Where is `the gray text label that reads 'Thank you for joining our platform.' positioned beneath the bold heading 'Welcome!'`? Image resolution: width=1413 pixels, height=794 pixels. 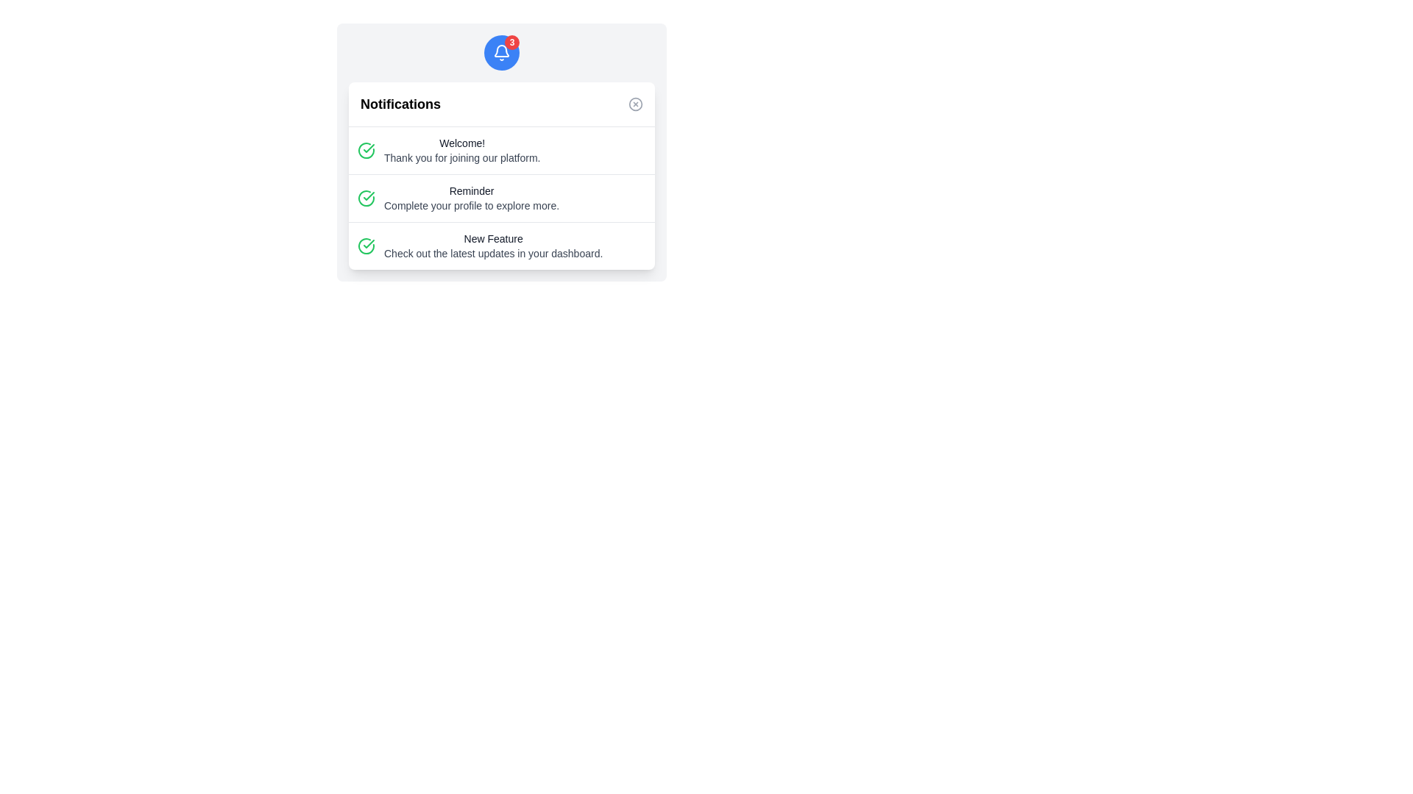
the gray text label that reads 'Thank you for joining our platform.' positioned beneath the bold heading 'Welcome!' is located at coordinates (461, 158).